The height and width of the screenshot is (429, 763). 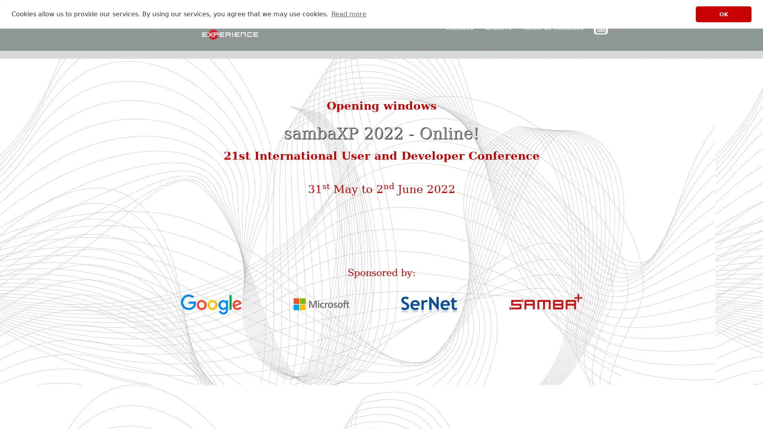 I want to click on dismiss cookie message, so click(x=723, y=14).